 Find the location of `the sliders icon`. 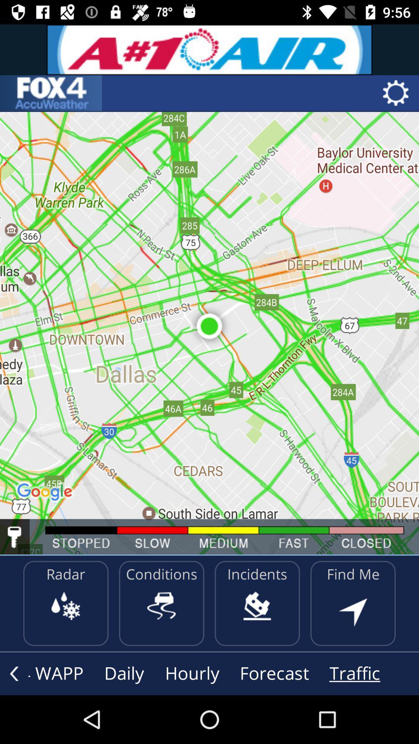

the sliders icon is located at coordinates (51, 93).